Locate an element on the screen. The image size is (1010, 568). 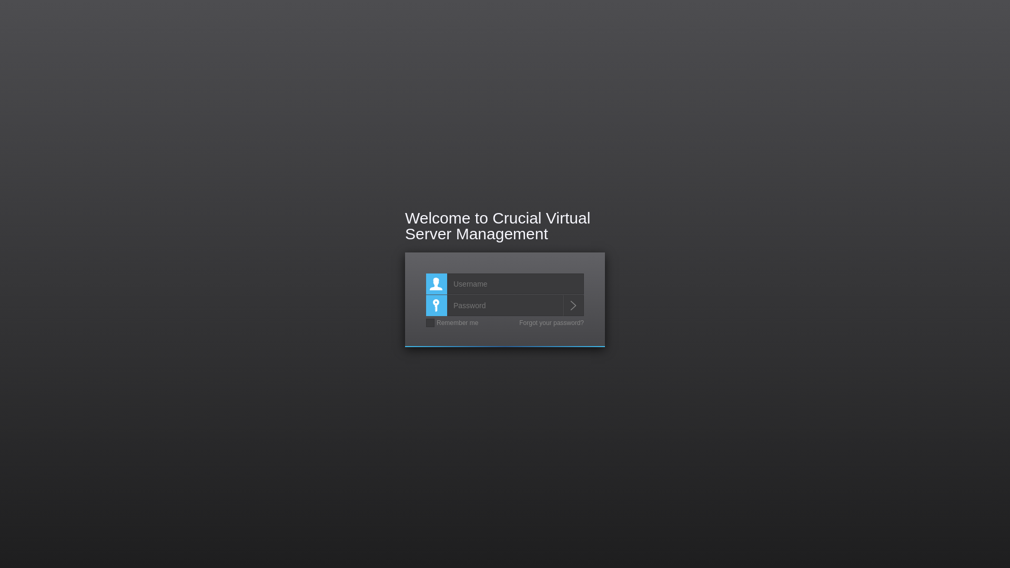
'Log In' is located at coordinates (572, 306).